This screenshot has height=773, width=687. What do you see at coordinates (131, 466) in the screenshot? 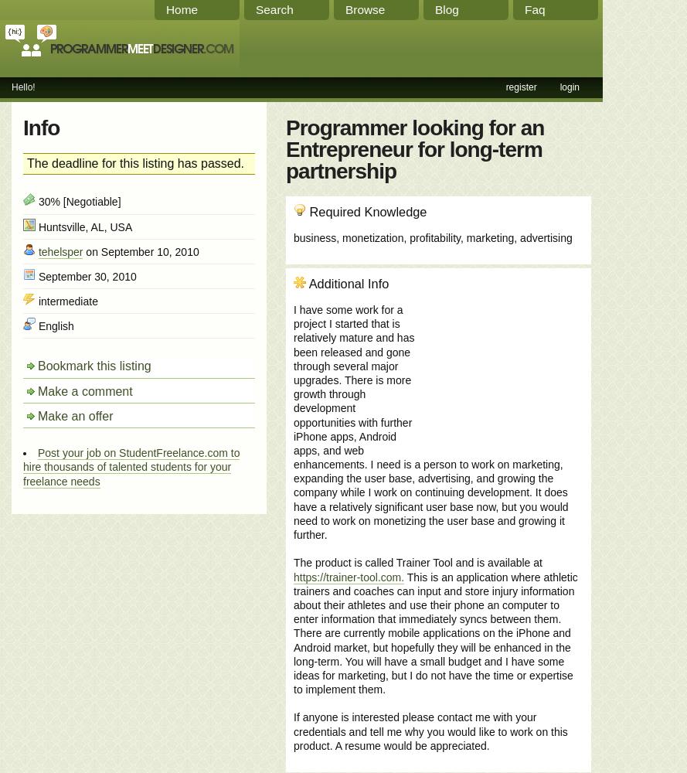
I see `'Post your job on StudentFreelance.com to hire thousands of talented students for  your freelance needs'` at bounding box center [131, 466].